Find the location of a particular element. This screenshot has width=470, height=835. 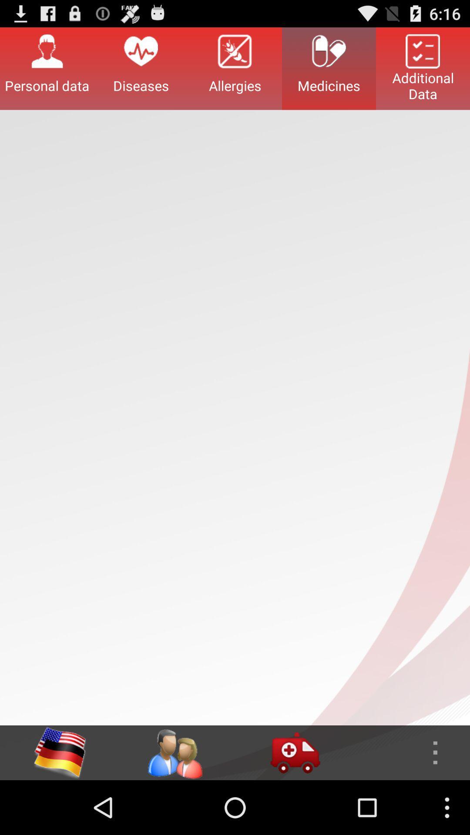

item next to the medicines button is located at coordinates (423, 68).